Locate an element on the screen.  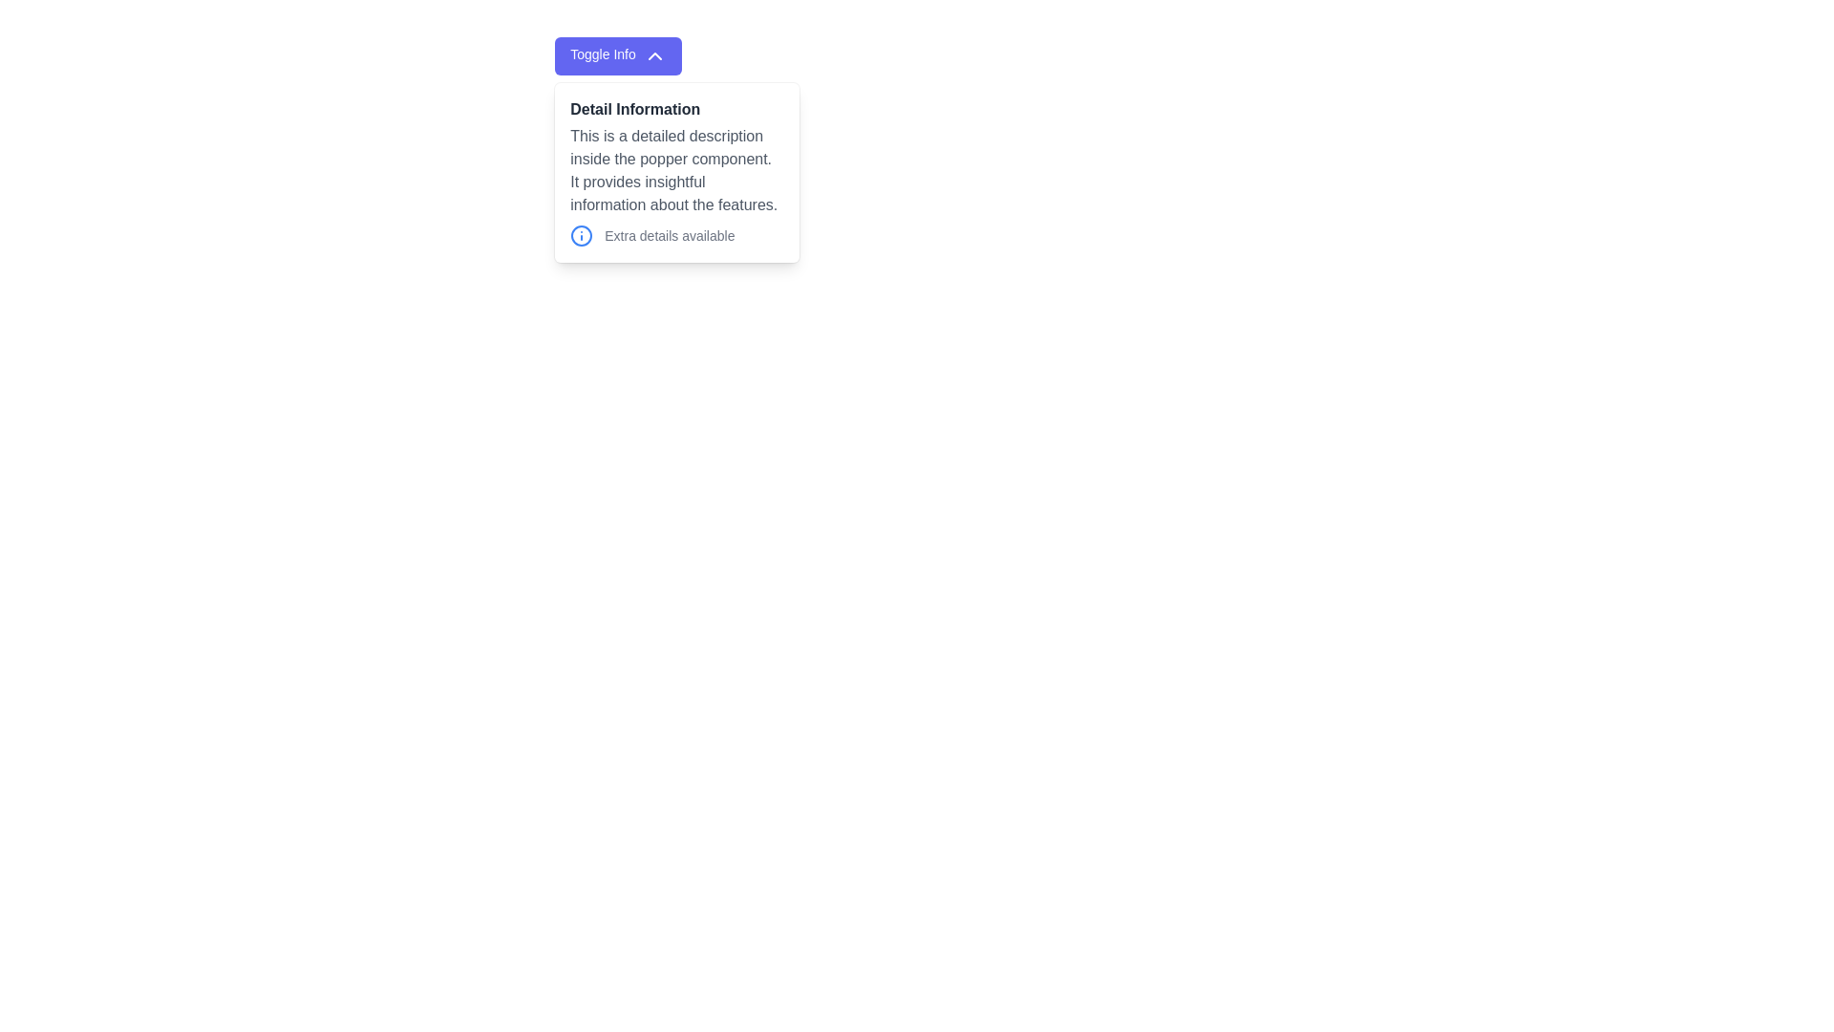
text from the Text Label positioned to the right of the blue information icon in the lower section of the pop-up card is located at coordinates (670, 234).